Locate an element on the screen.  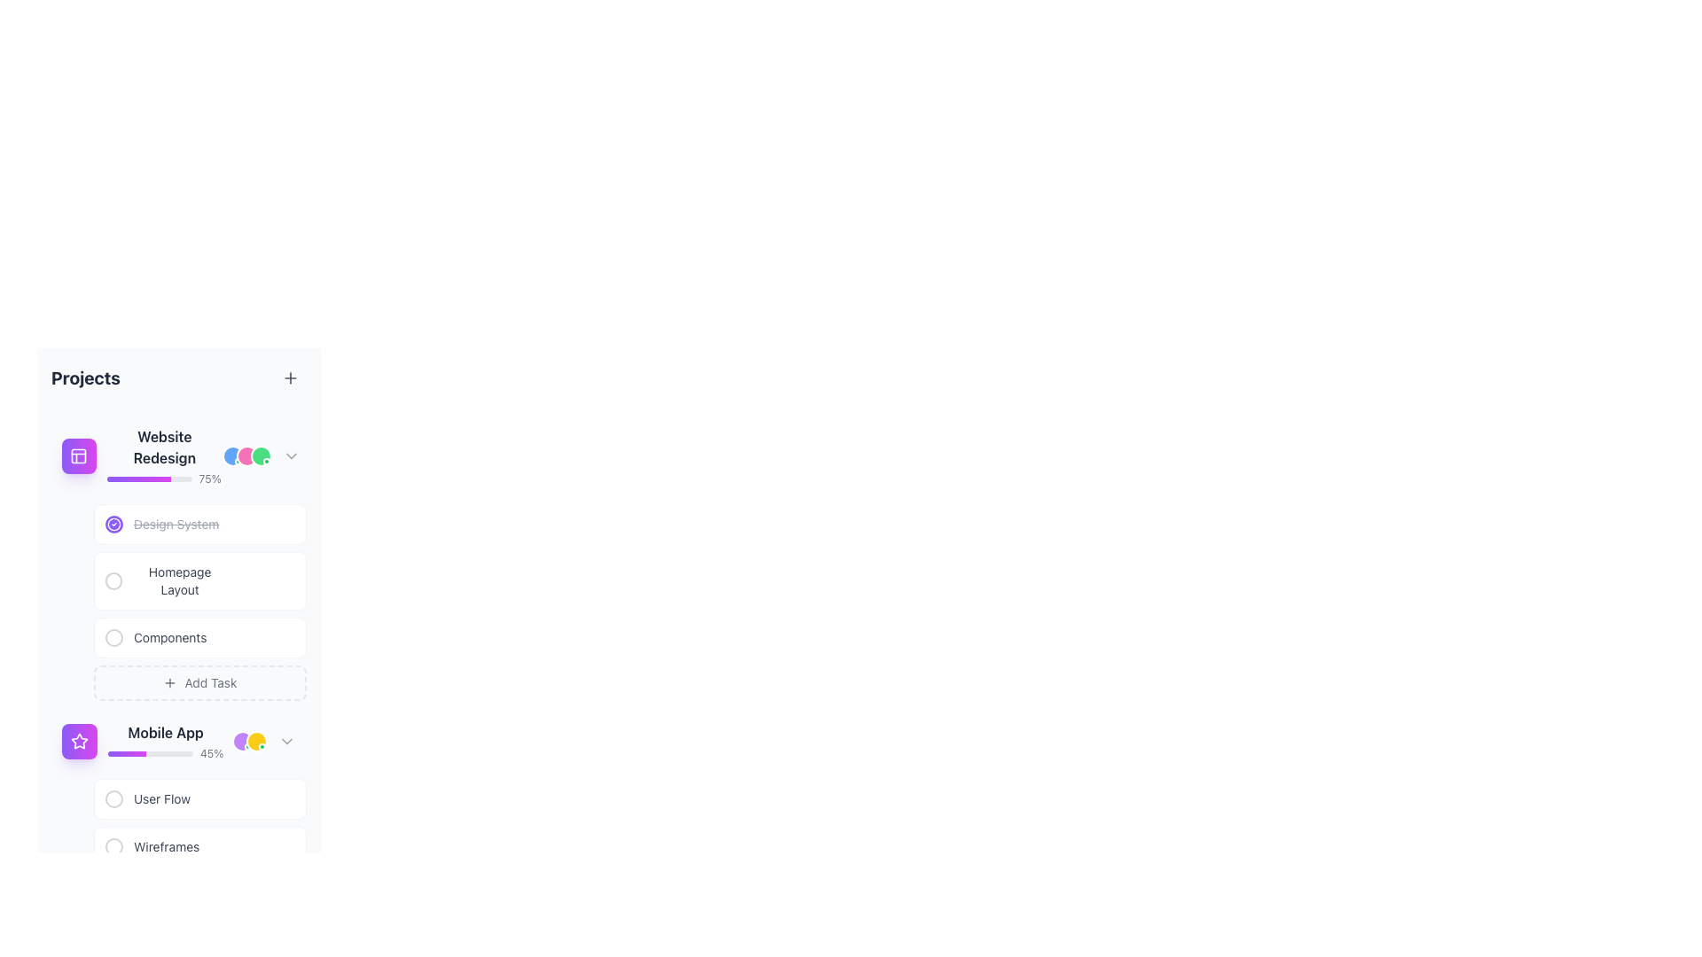
the radio button is located at coordinates (113, 846).